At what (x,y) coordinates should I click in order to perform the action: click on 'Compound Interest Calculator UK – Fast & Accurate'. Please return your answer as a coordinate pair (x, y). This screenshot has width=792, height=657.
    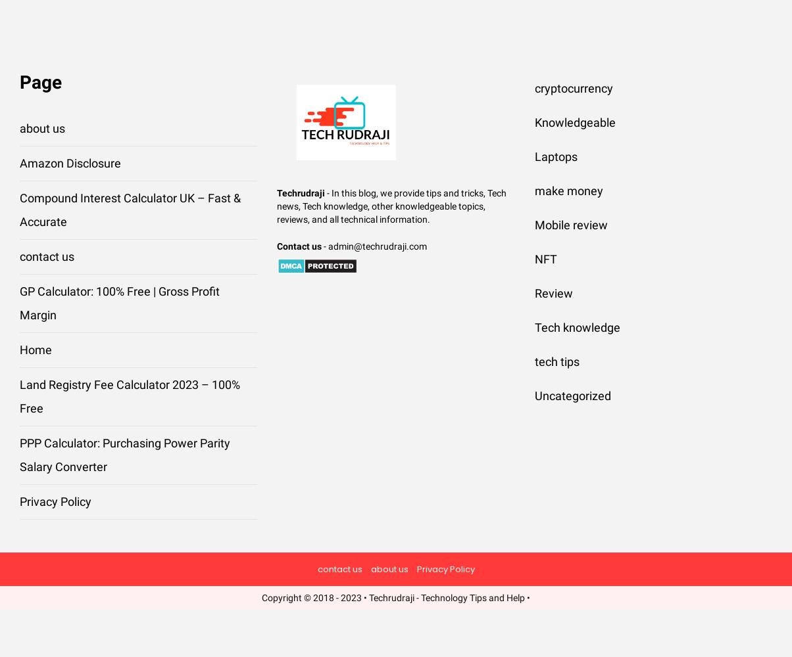
    Looking at the image, I should click on (130, 209).